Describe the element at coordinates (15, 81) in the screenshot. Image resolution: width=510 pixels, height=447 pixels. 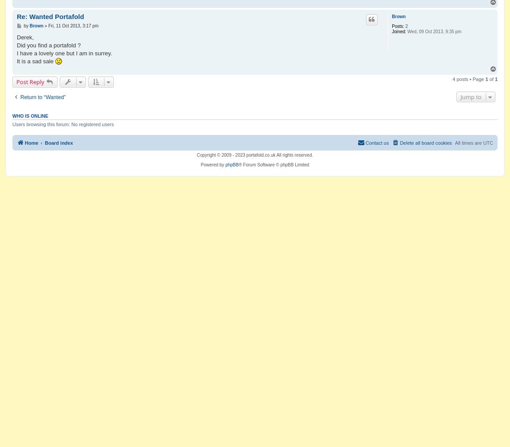
I see `'Post Reply'` at that location.